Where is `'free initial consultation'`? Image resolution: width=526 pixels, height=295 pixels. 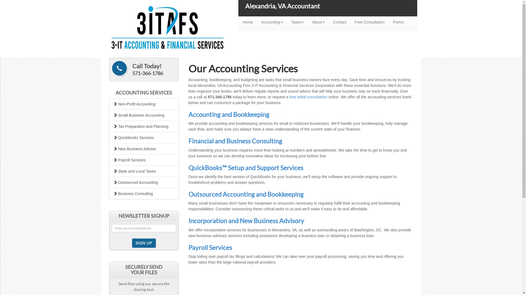
'free initial consultation' is located at coordinates (308, 96).